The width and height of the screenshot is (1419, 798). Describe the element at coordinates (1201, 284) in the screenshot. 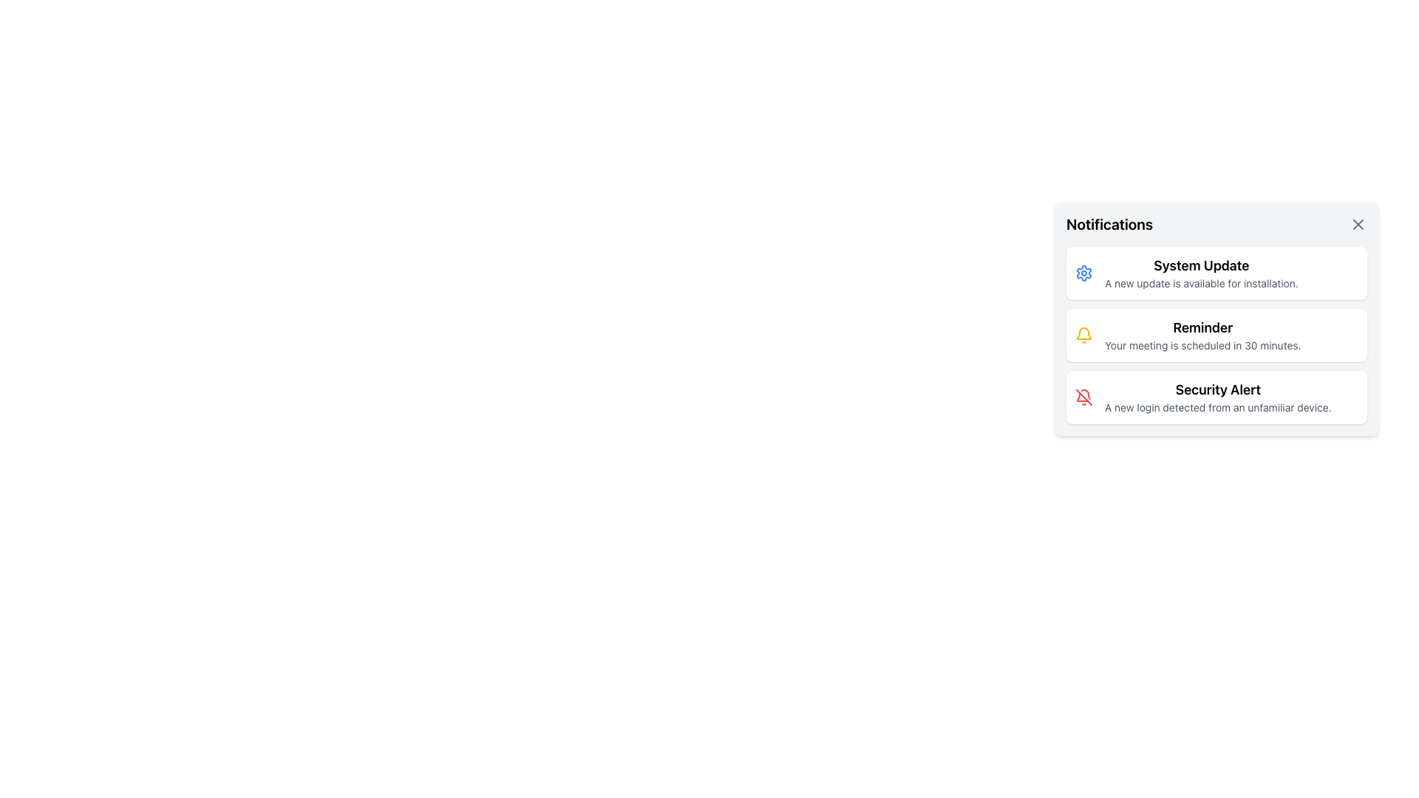

I see `descriptive text label located within the notification modal under the 'System Update' section, positioned directly beneath the 'System Update' title` at that location.